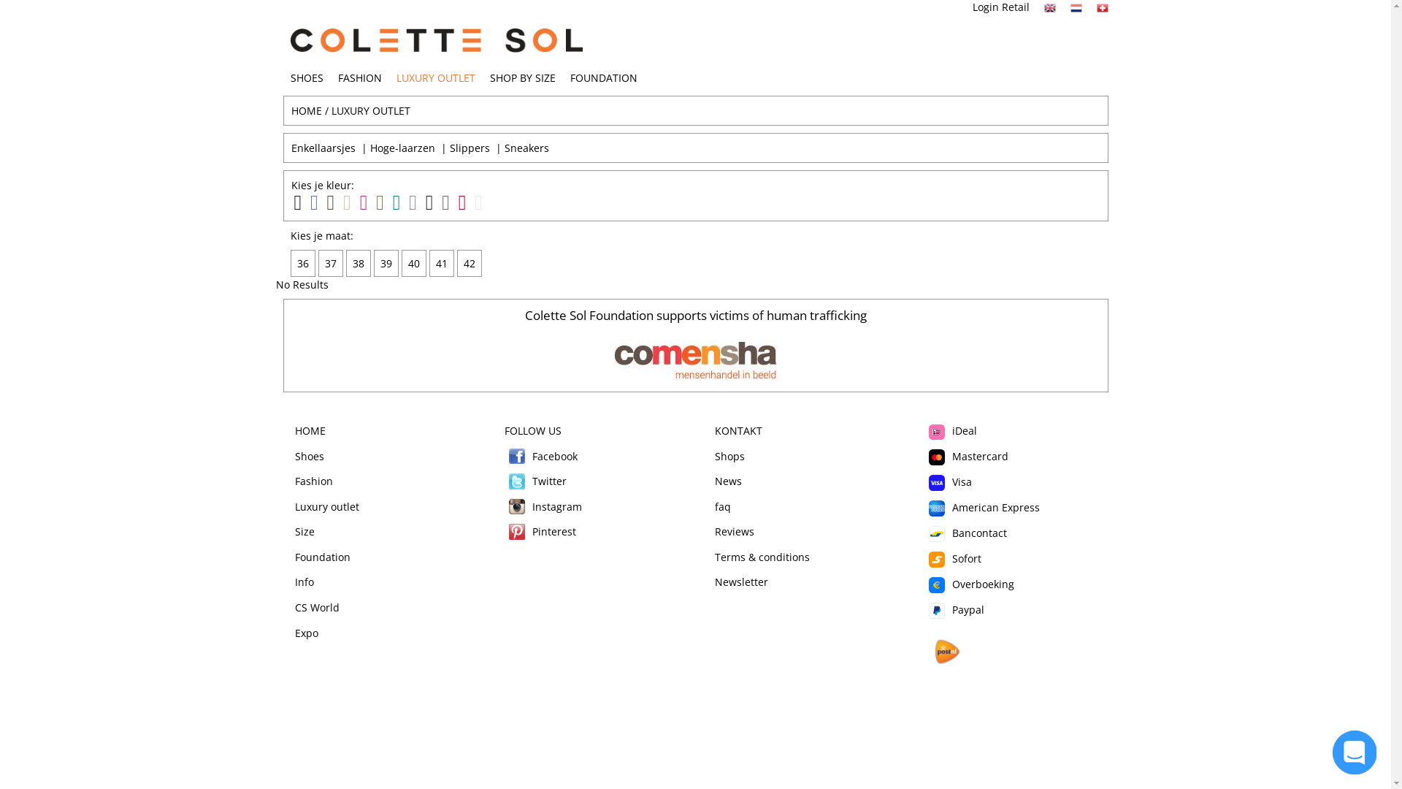 This screenshot has width=1402, height=789. I want to click on 'Shoes', so click(308, 455).